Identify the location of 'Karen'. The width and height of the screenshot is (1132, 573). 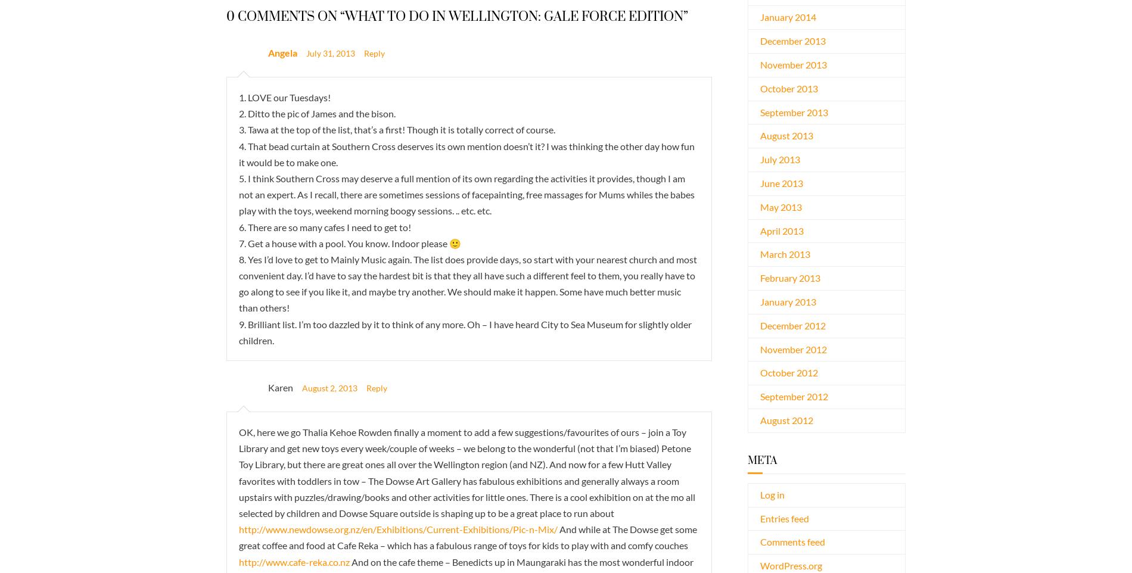
(280, 387).